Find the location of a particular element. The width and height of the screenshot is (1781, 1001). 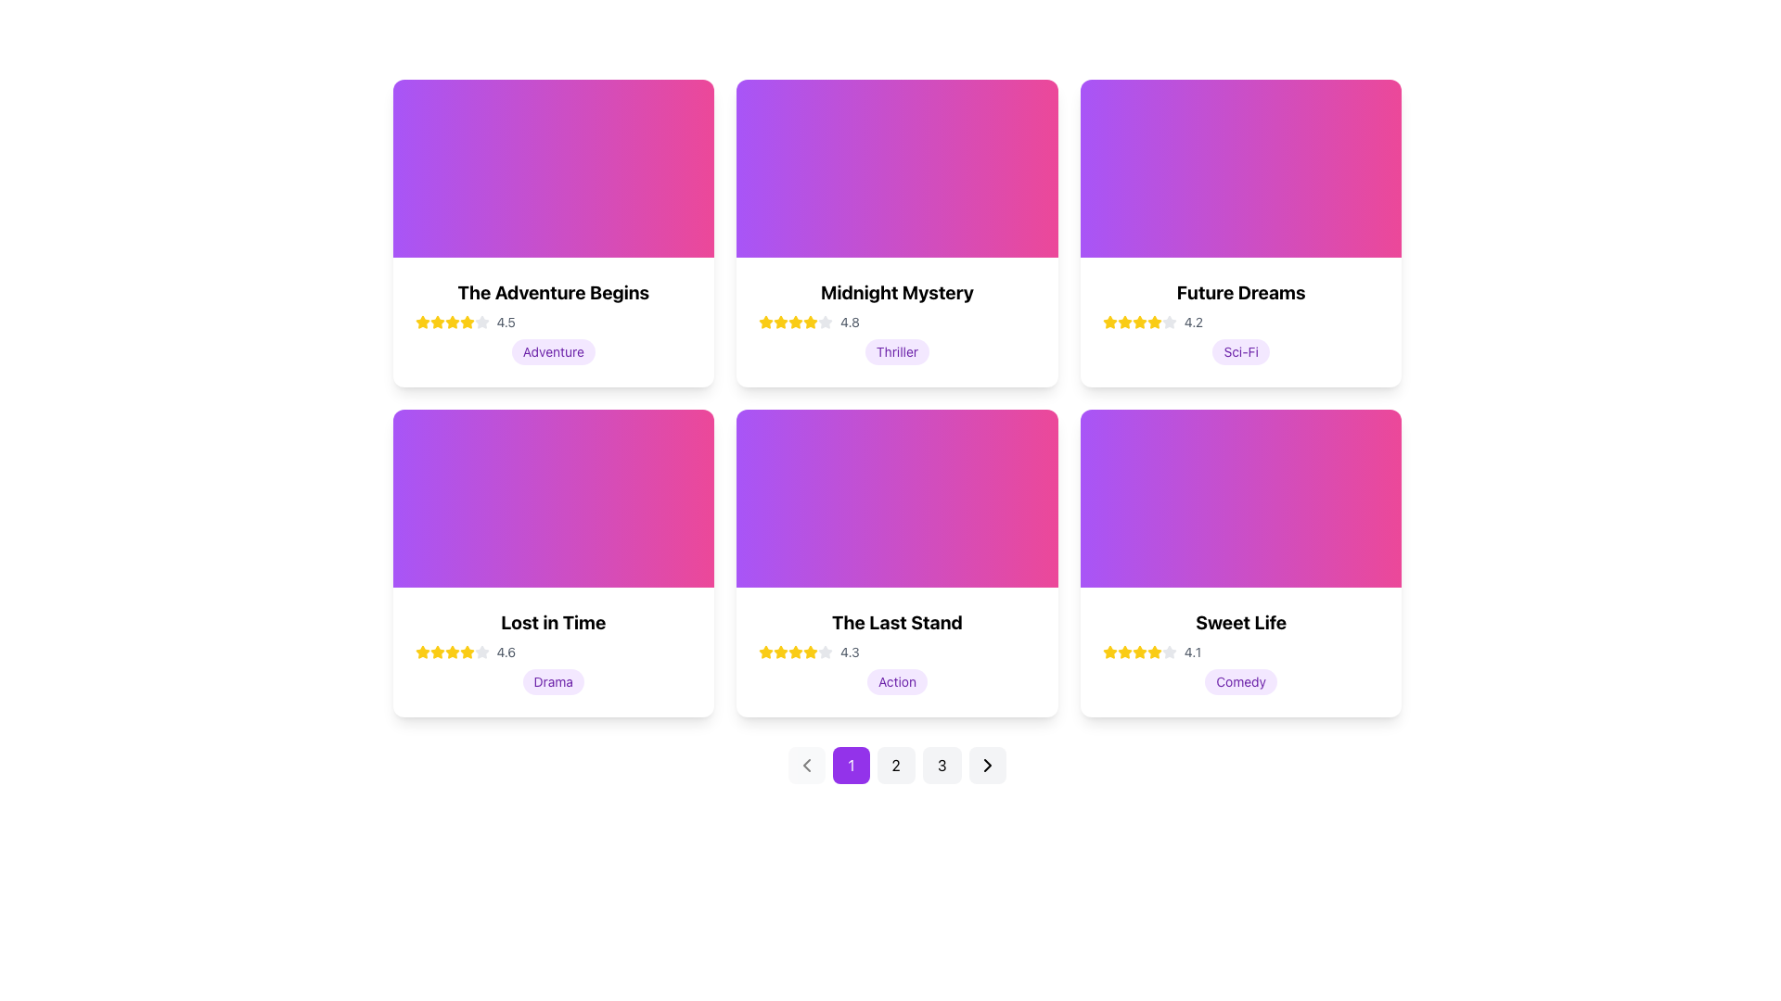

the Rating display widget showing a rating of '4.2' with five star icons, four filled and one outlined, located beneath the title 'Future Dreams' is located at coordinates (1241, 321).